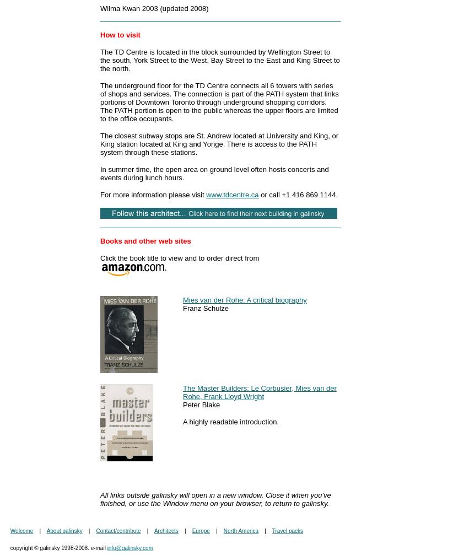  What do you see at coordinates (145, 241) in the screenshot?
I see `'Books and other web
    sites'` at bounding box center [145, 241].